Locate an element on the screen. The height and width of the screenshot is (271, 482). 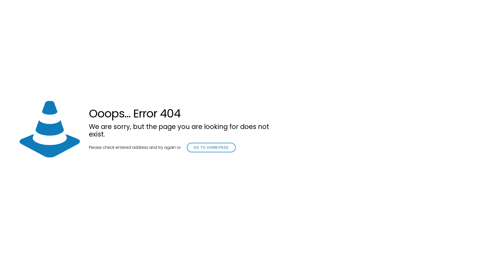
'GO TO HOMEPAGE' is located at coordinates (211, 147).